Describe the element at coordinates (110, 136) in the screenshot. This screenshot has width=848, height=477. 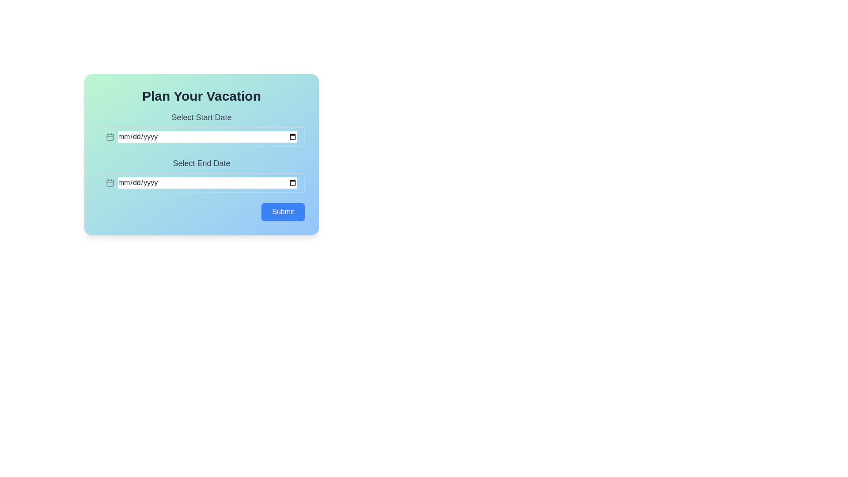
I see `the compact calendar icon located to the left of the top input field, which has a square outline and two vertical bars at the top` at that location.